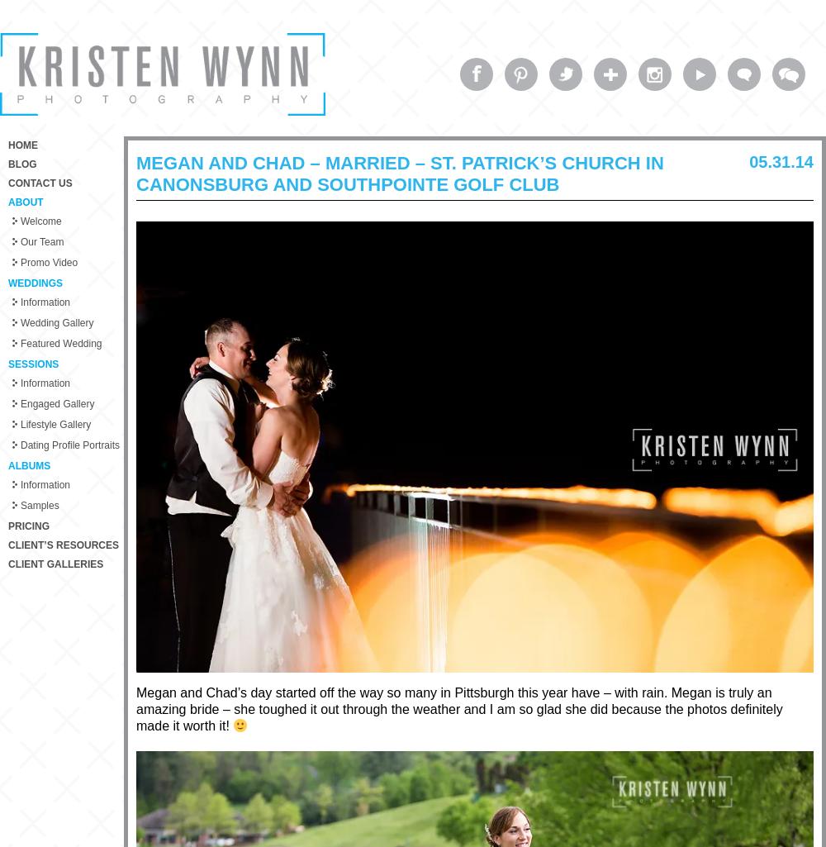  I want to click on 'Weddings', so click(36, 282).